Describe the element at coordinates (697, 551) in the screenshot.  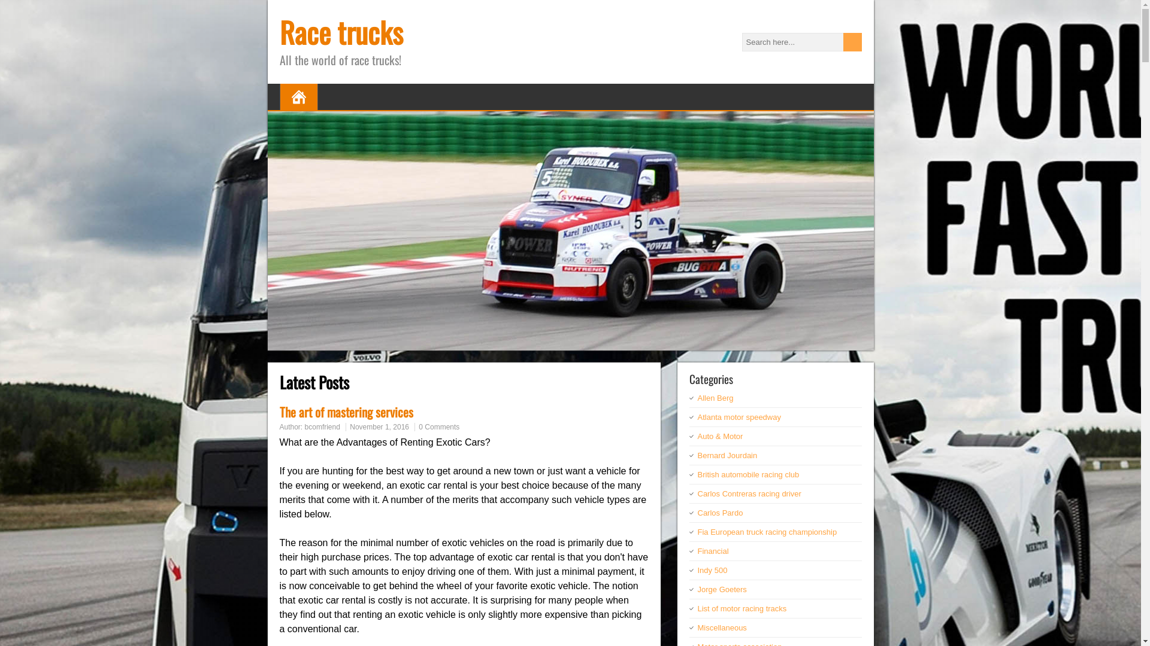
I see `'Financial'` at that location.